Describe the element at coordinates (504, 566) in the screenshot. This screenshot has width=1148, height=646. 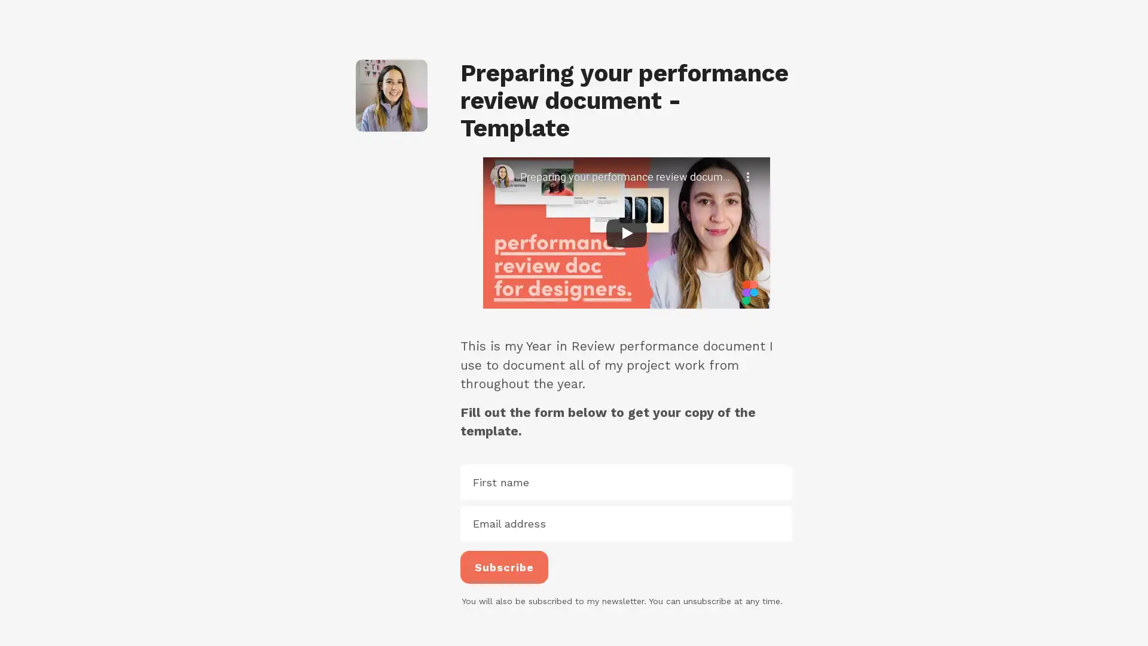
I see `Subscribe` at that location.